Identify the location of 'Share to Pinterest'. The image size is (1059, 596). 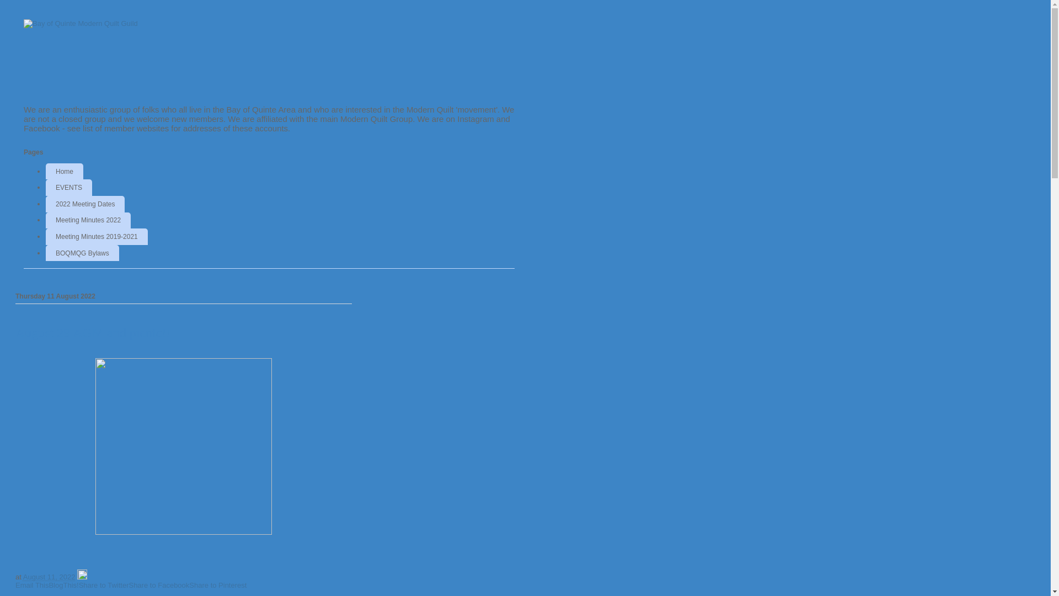
(217, 584).